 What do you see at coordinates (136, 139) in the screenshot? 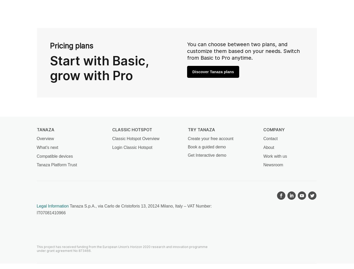
I see `'Classic Hotspot Overview'` at bounding box center [136, 139].